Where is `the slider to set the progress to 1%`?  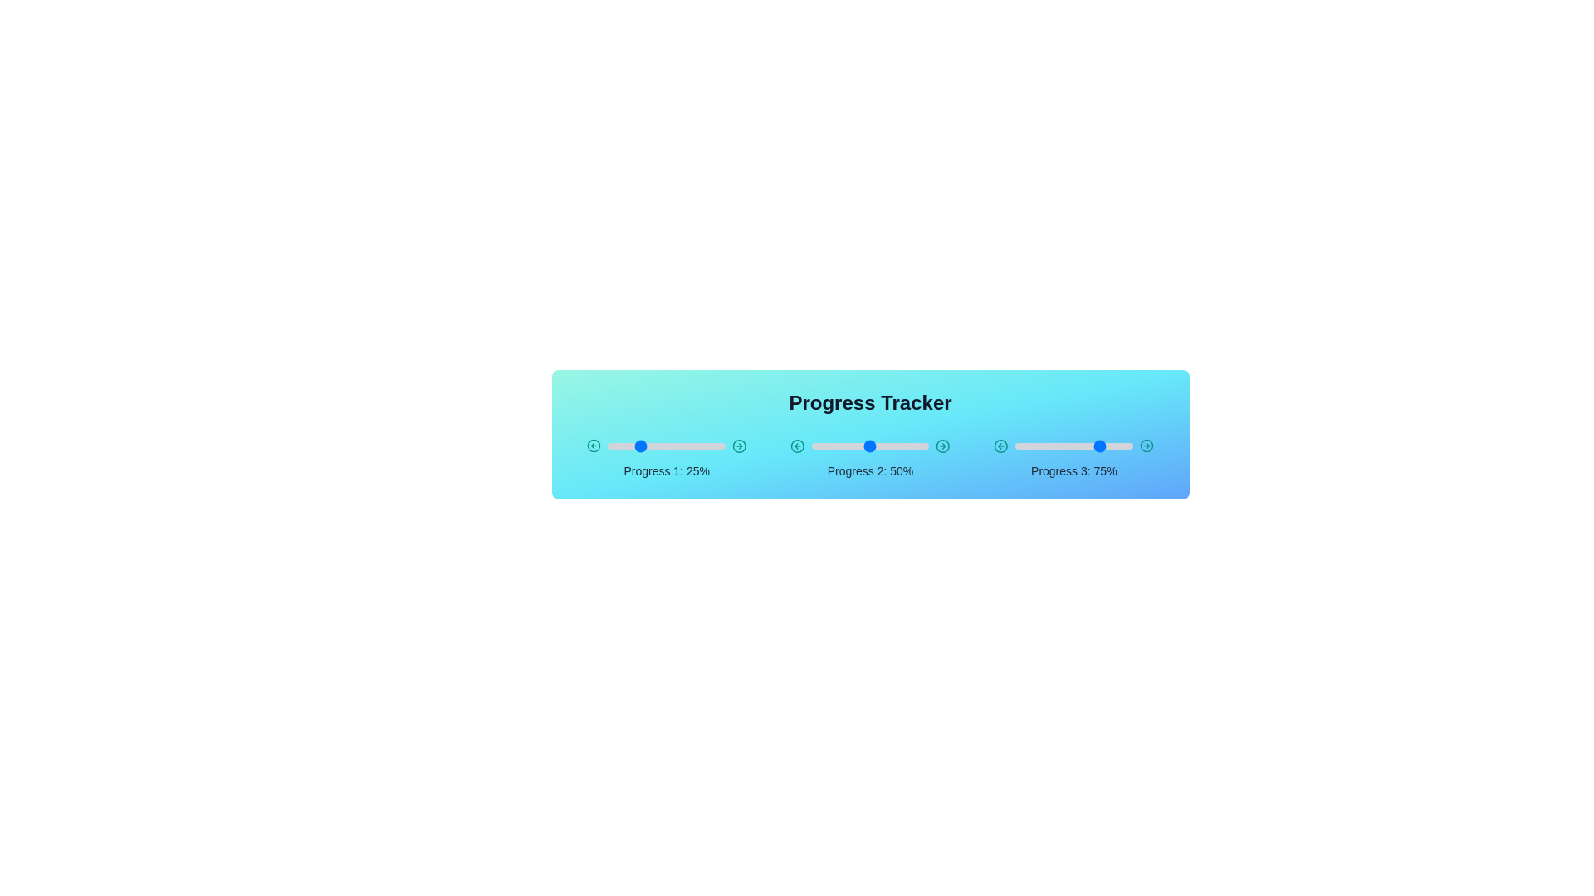
the slider to set the progress to 1% is located at coordinates (608, 445).